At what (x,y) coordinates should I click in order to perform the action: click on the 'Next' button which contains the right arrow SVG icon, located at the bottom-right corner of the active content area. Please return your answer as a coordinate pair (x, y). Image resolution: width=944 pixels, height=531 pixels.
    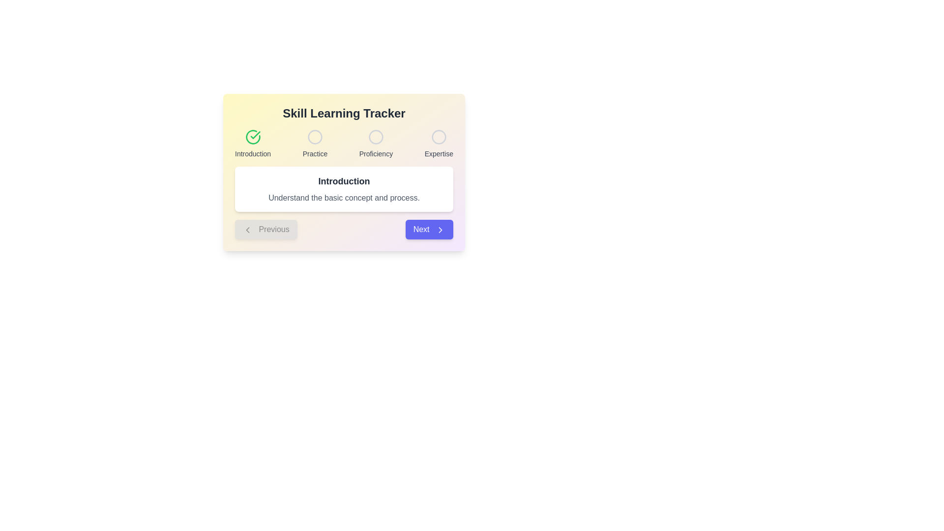
    Looking at the image, I should click on (440, 229).